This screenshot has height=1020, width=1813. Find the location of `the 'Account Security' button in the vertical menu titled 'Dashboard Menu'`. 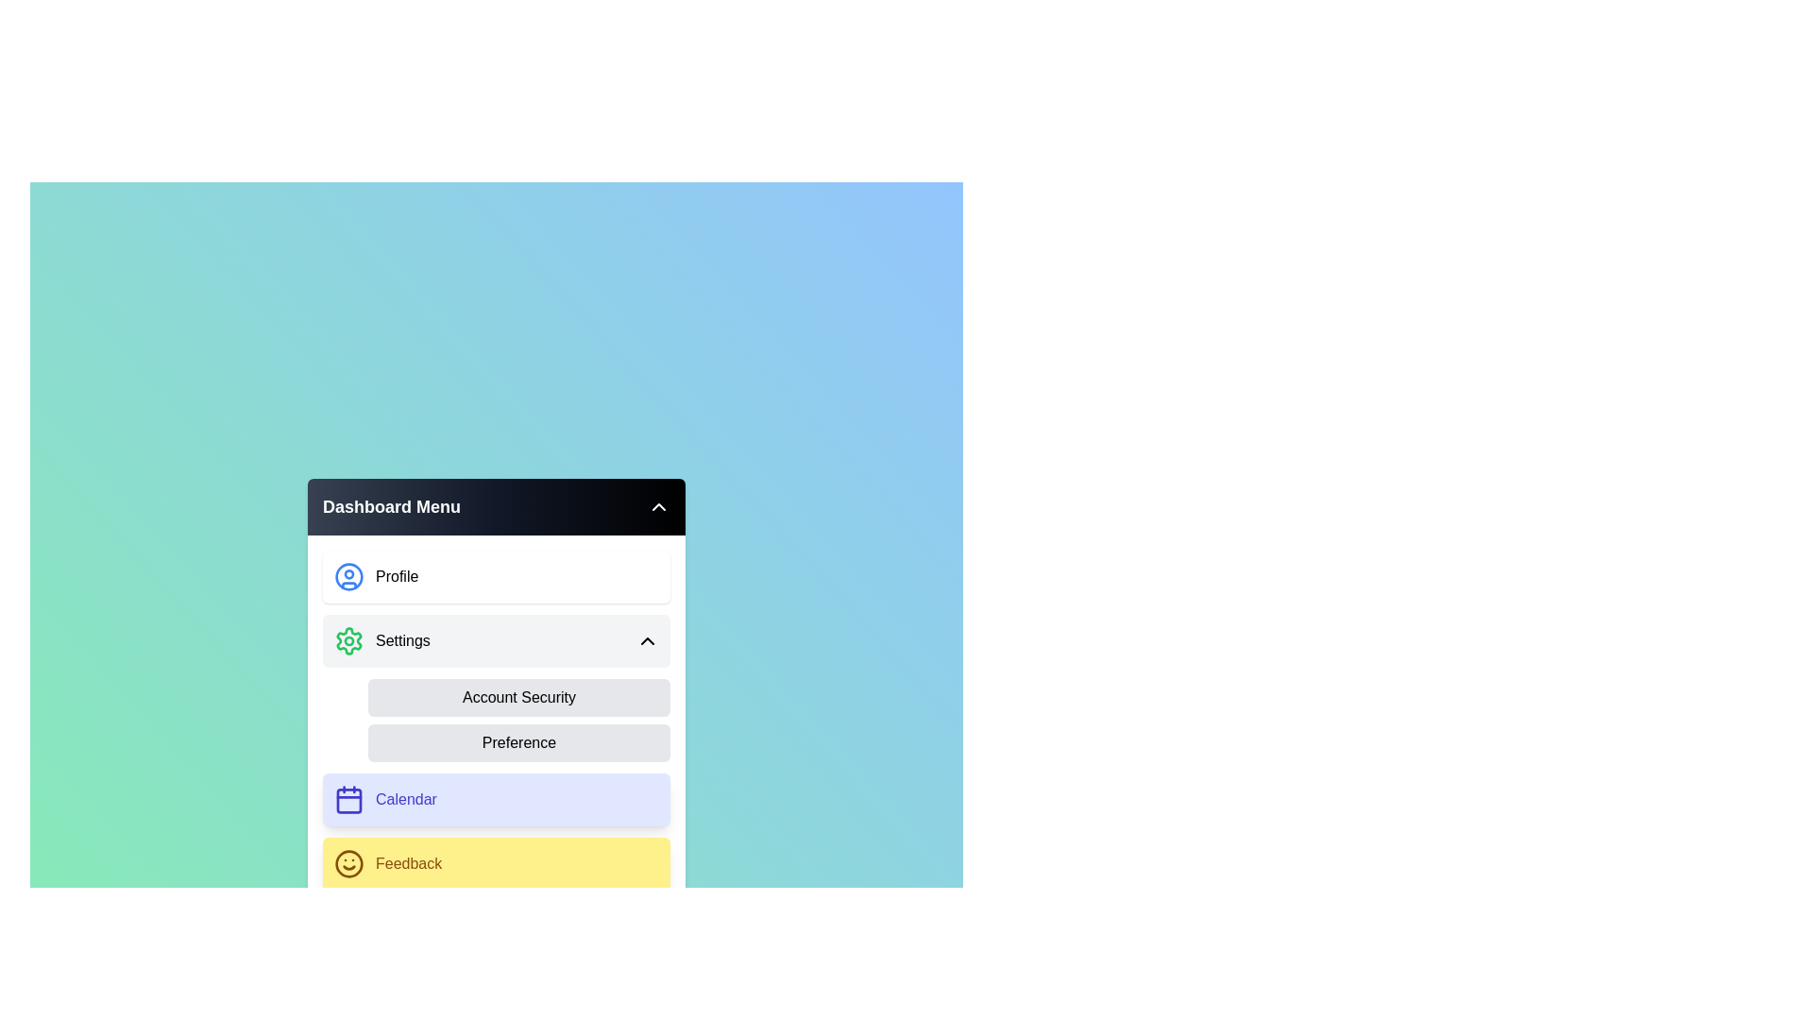

the 'Account Security' button in the vertical menu titled 'Dashboard Menu' is located at coordinates (497, 721).